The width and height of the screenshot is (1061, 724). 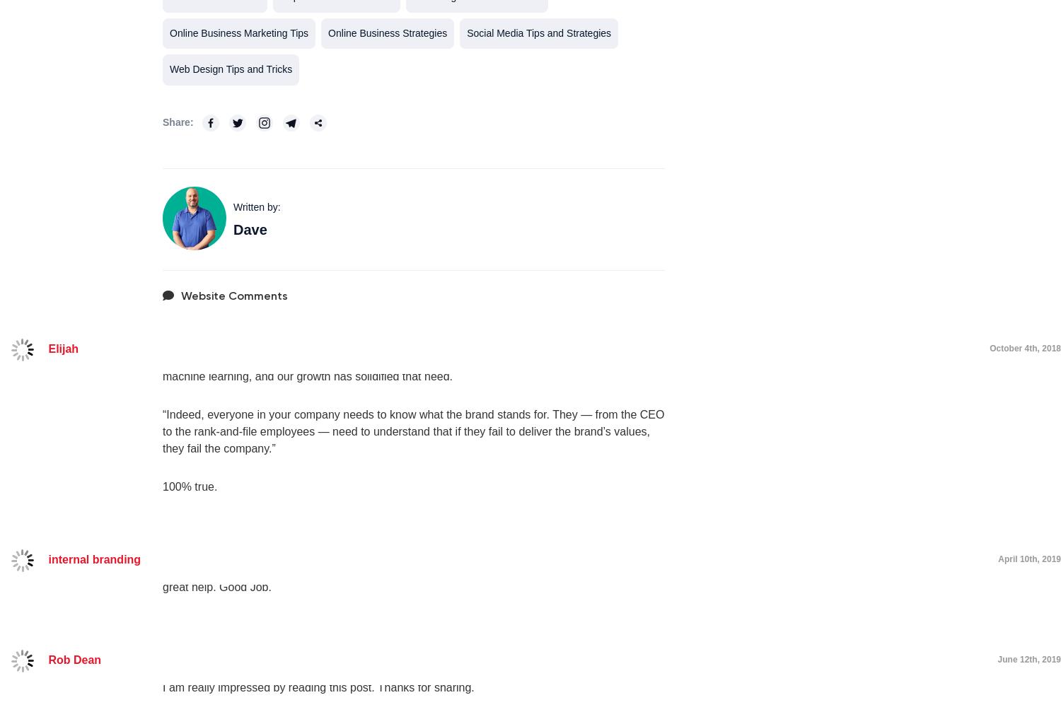 What do you see at coordinates (400, 570) in the screenshot?
I see `'This is a great article. Knowing the importance of Internal Branding has a great role on the improvement of your business. Thanks for the ideas you provided and for posting this. Indeed a great help. Good Job.'` at bounding box center [400, 570].